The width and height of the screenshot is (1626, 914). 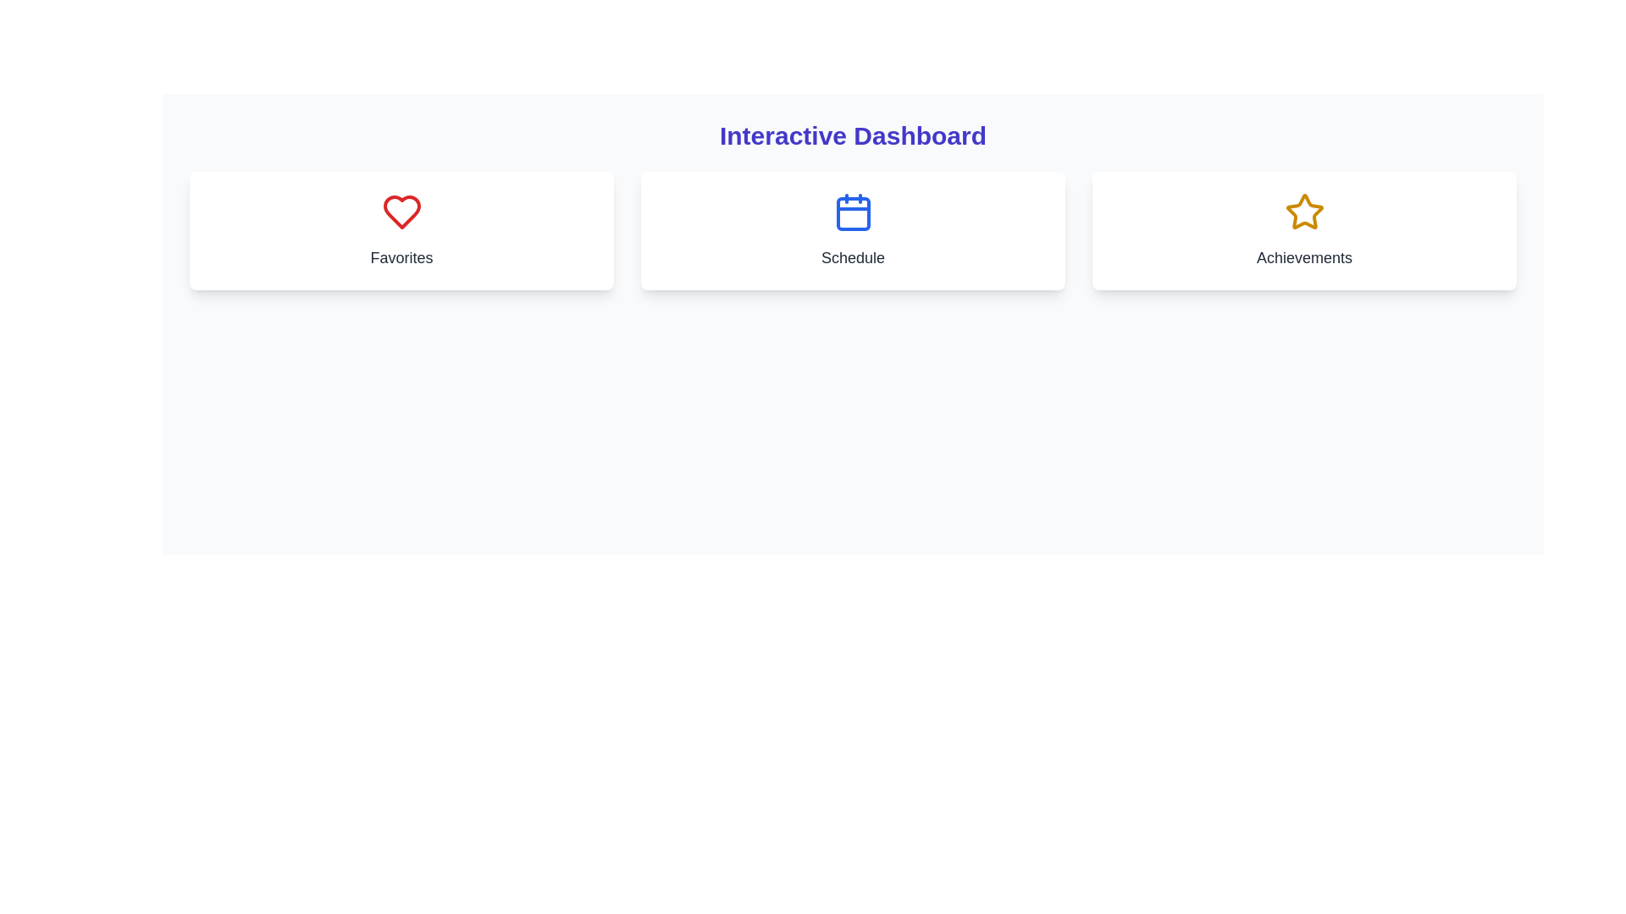 I want to click on the 'Achievements' component, which features a yellow star icon above the text, so click(x=1303, y=231).